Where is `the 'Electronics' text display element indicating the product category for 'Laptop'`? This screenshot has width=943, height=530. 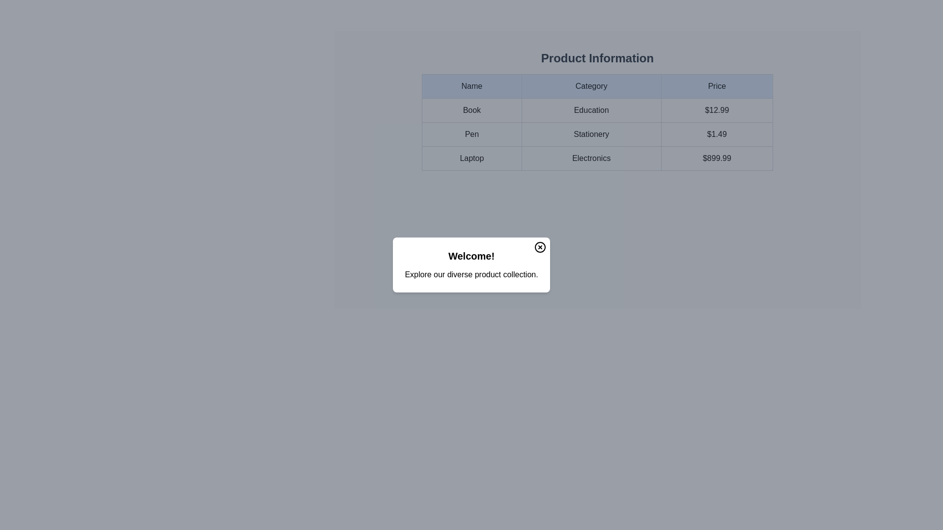 the 'Electronics' text display element indicating the product category for 'Laptop' is located at coordinates (597, 158).